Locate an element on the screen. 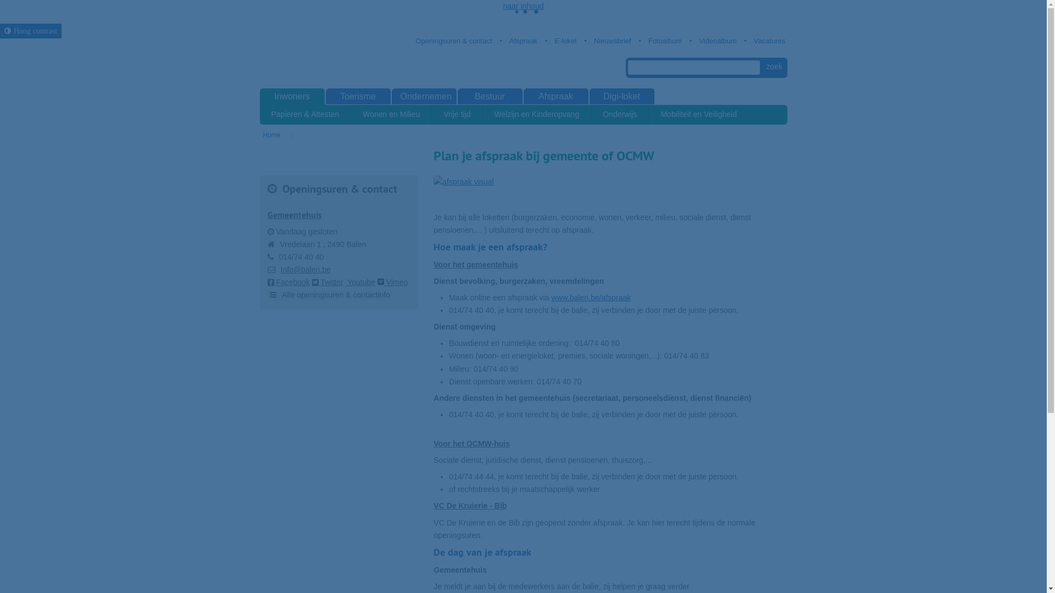 Image resolution: width=1055 pixels, height=593 pixels. 'Nieuwsbrief' is located at coordinates (582, 40).